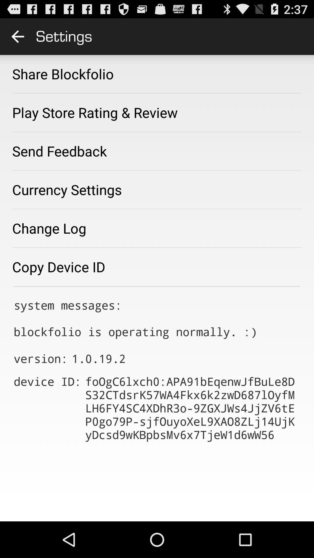 This screenshot has height=558, width=314. I want to click on the app above the currency settings, so click(59, 151).